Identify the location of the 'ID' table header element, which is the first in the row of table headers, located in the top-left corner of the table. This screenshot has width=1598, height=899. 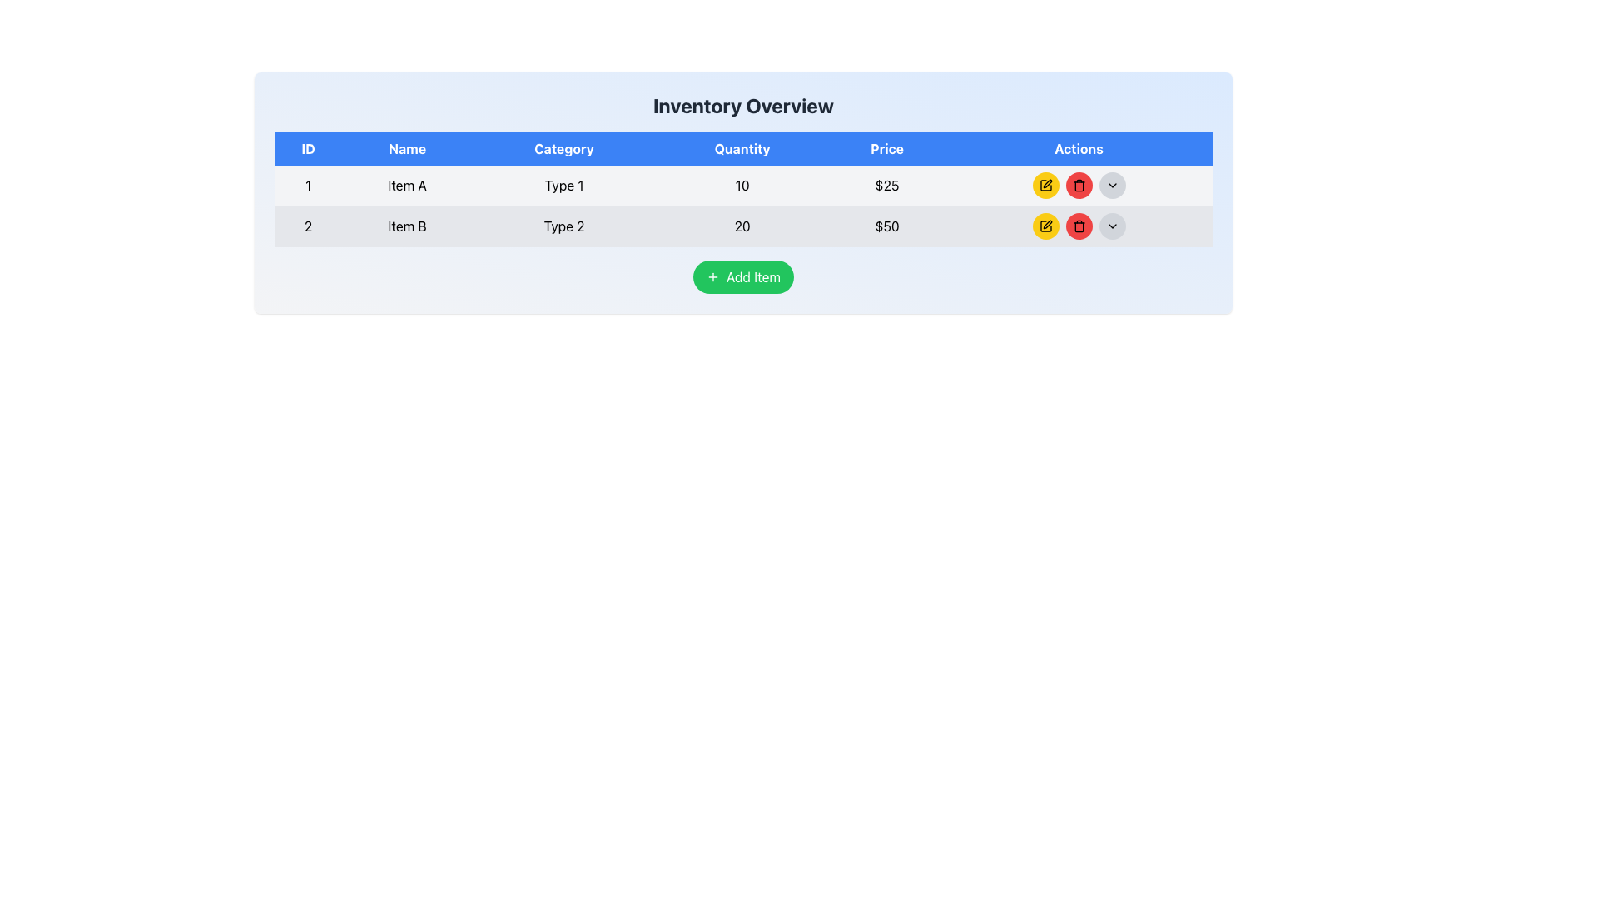
(308, 147).